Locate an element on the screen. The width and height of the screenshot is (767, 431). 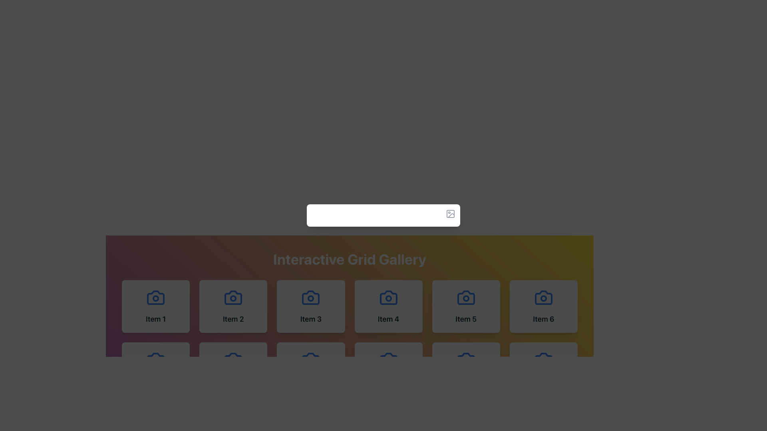
the decorative icon representing photography or a camera, located near the top of the box labeled 'Item 2', which is horizontally centered within this box is located at coordinates (233, 297).